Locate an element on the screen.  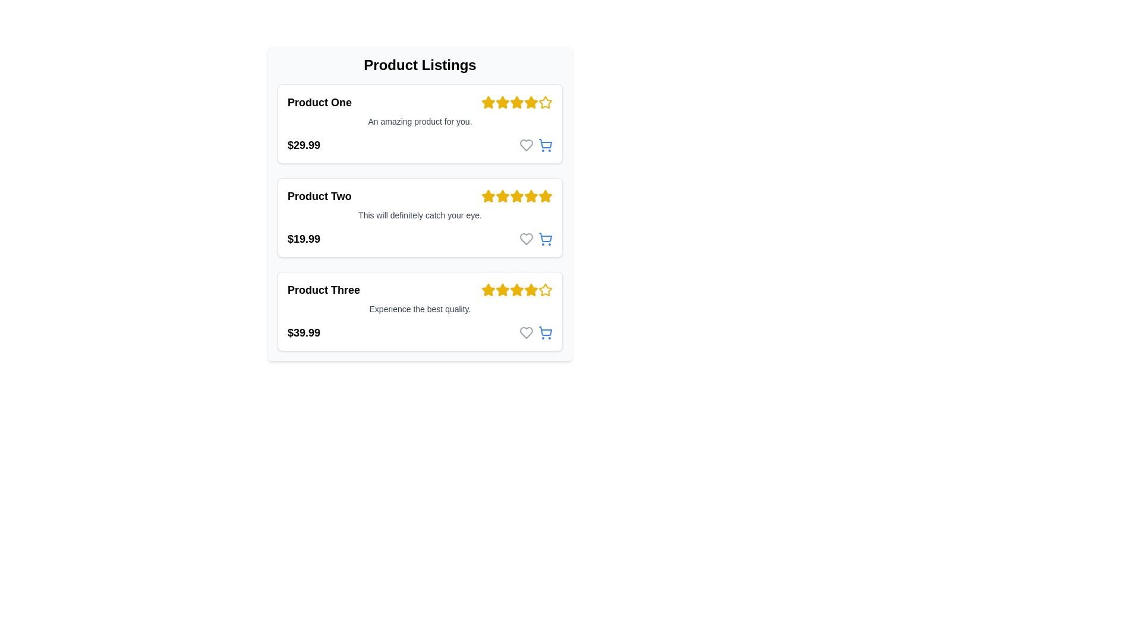
the sixth star icon in the rating system for Product Three, which is located beside the fifth golden-yellow star and is part of a visual rating system is located at coordinates (530, 290).